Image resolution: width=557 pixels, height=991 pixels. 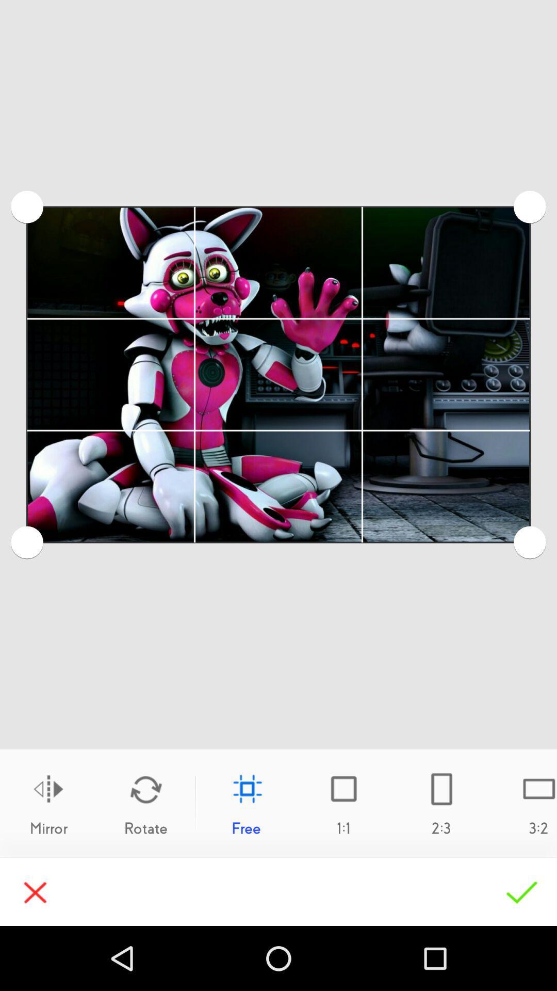 What do you see at coordinates (35, 891) in the screenshot?
I see `the close icon` at bounding box center [35, 891].